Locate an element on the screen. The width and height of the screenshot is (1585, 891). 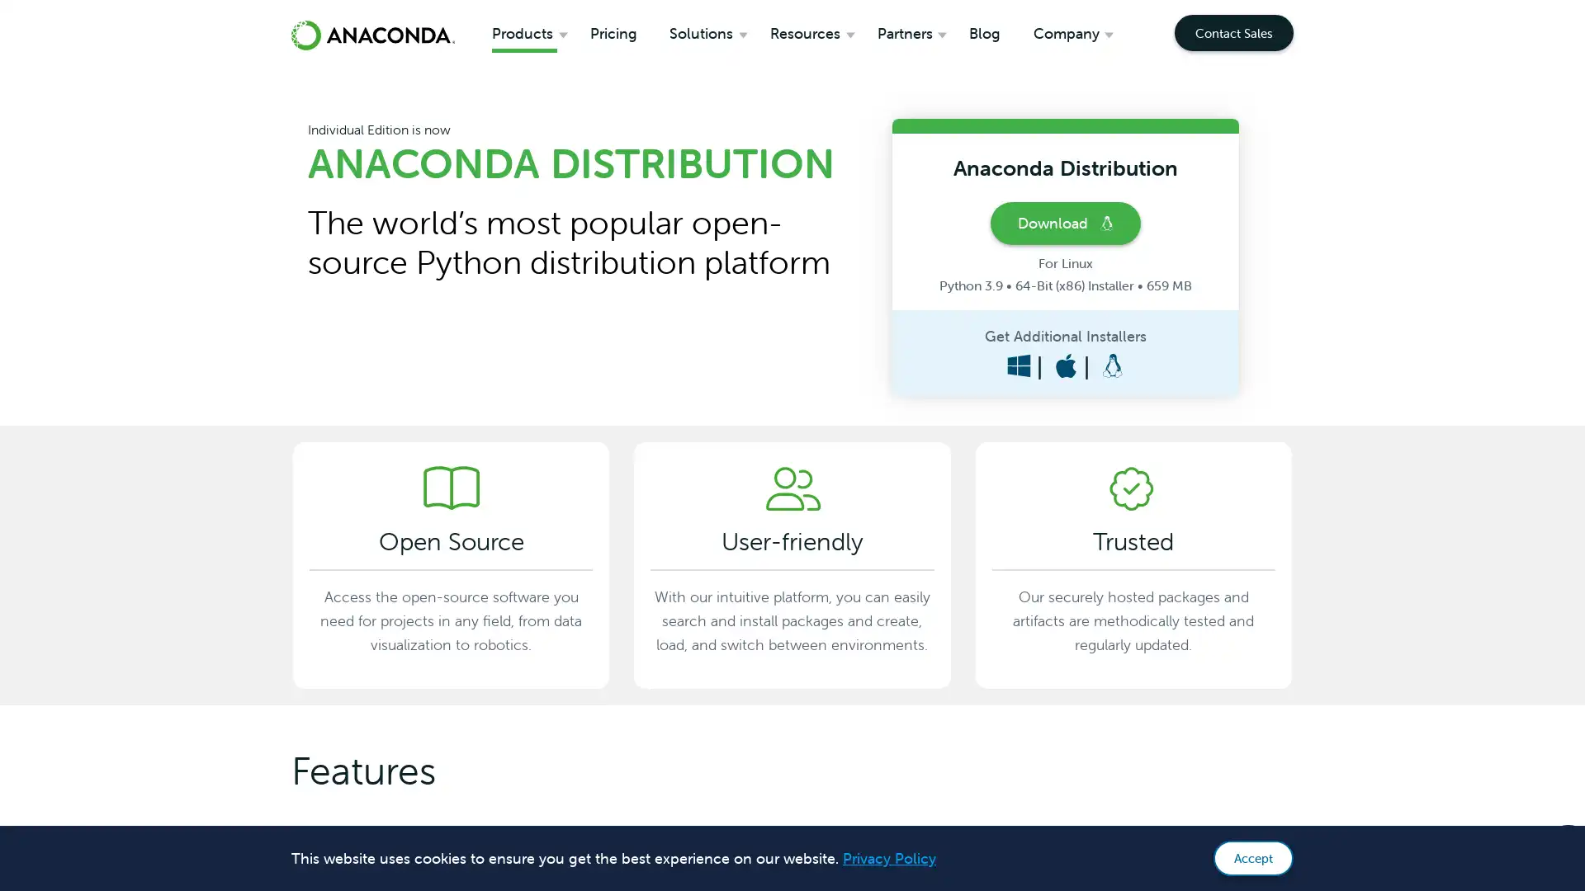
learn more about cookies is located at coordinates (888, 856).